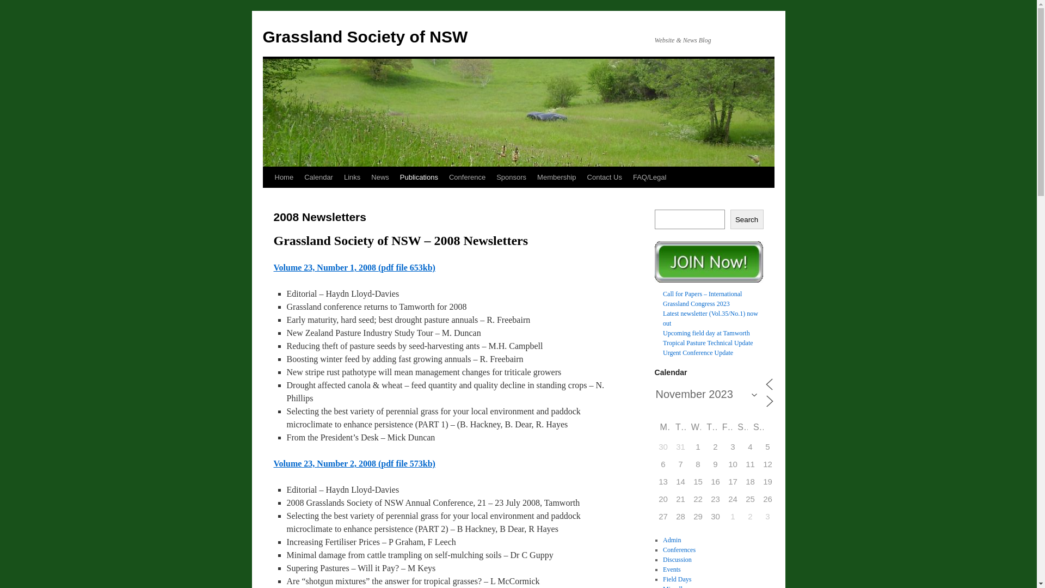  Describe the element at coordinates (354, 267) in the screenshot. I see `'Volume 23, Number 1, 2008 (pdf file 653kb)'` at that location.